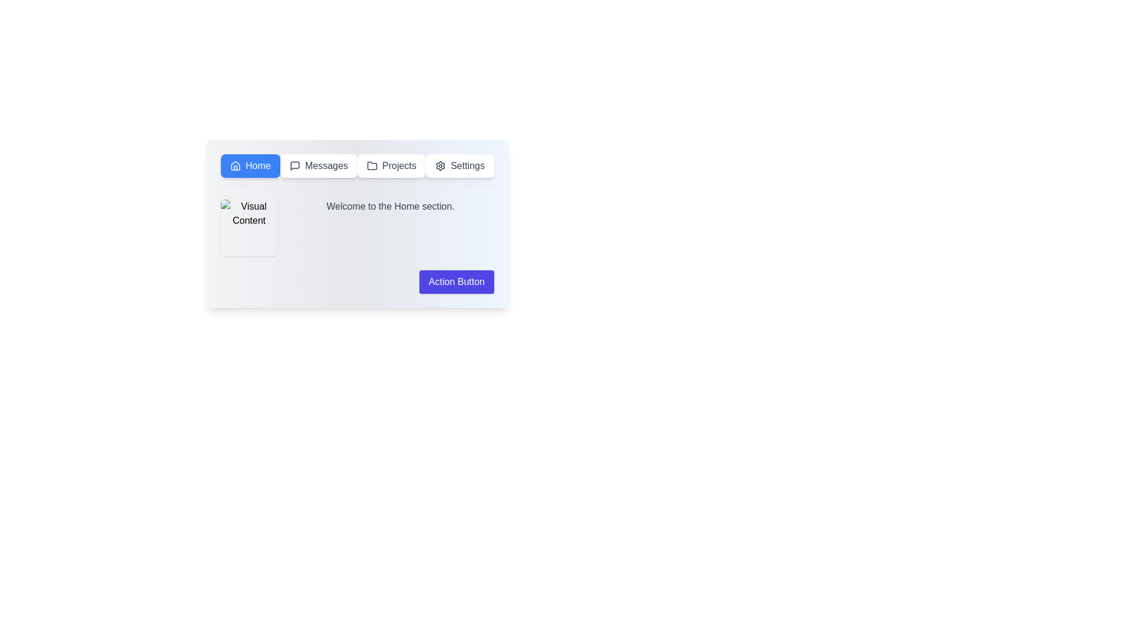 The height and width of the screenshot is (636, 1131). What do you see at coordinates (440, 165) in the screenshot?
I see `the settings icon located in the top navigation bar, to the left of the text` at bounding box center [440, 165].